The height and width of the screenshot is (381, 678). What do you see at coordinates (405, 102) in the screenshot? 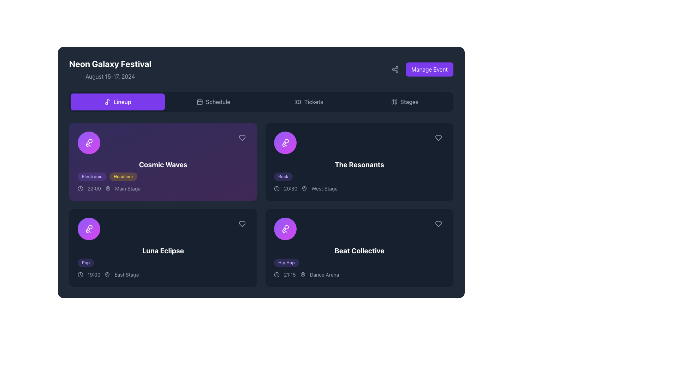
I see `the 'Stages' navigation button, which is the fourth tab in the row of selectable tabs labeled 'Lineup', 'Schedule', 'Tickets', and 'Stages'` at bounding box center [405, 102].